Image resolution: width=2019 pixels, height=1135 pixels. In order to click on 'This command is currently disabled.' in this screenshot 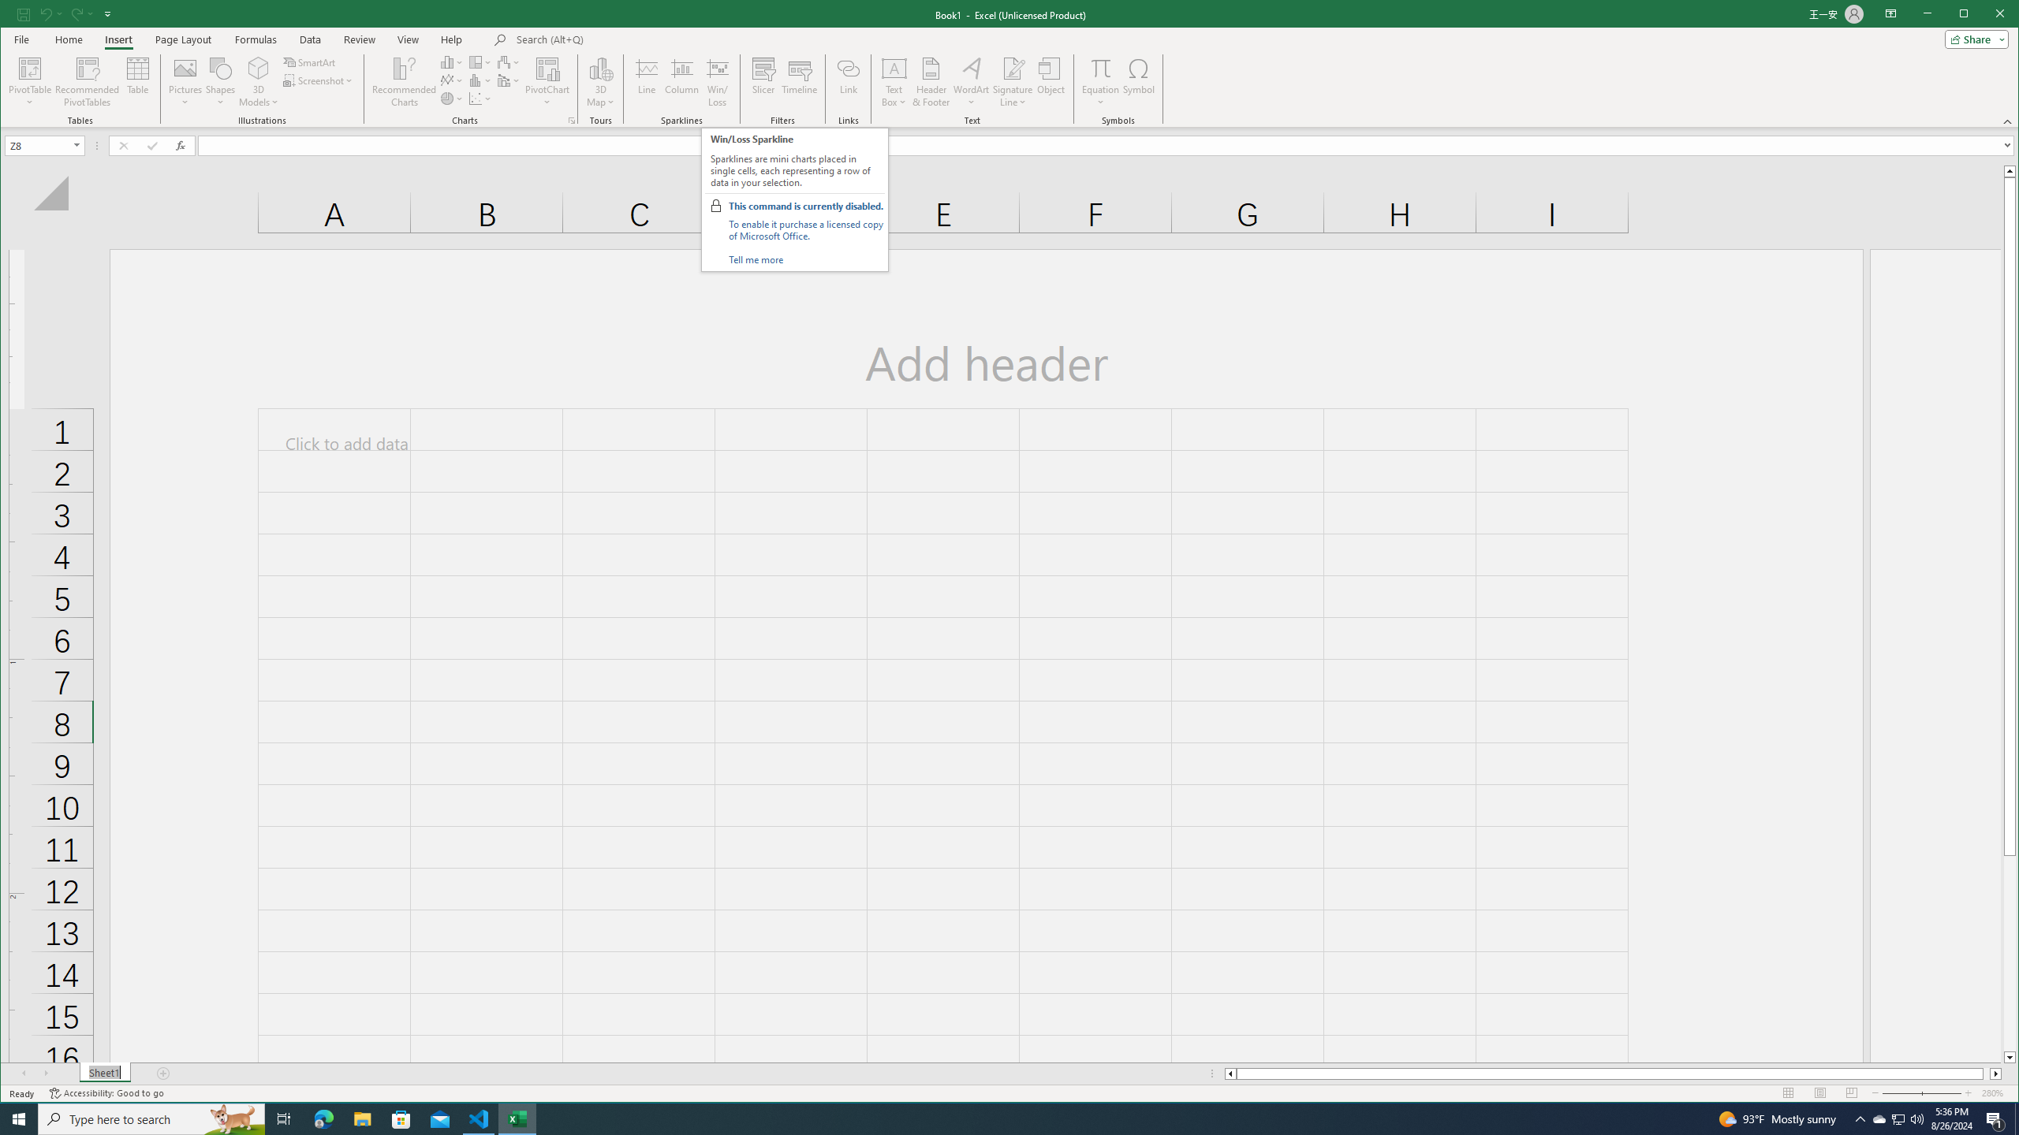, I will do `click(804, 206)`.